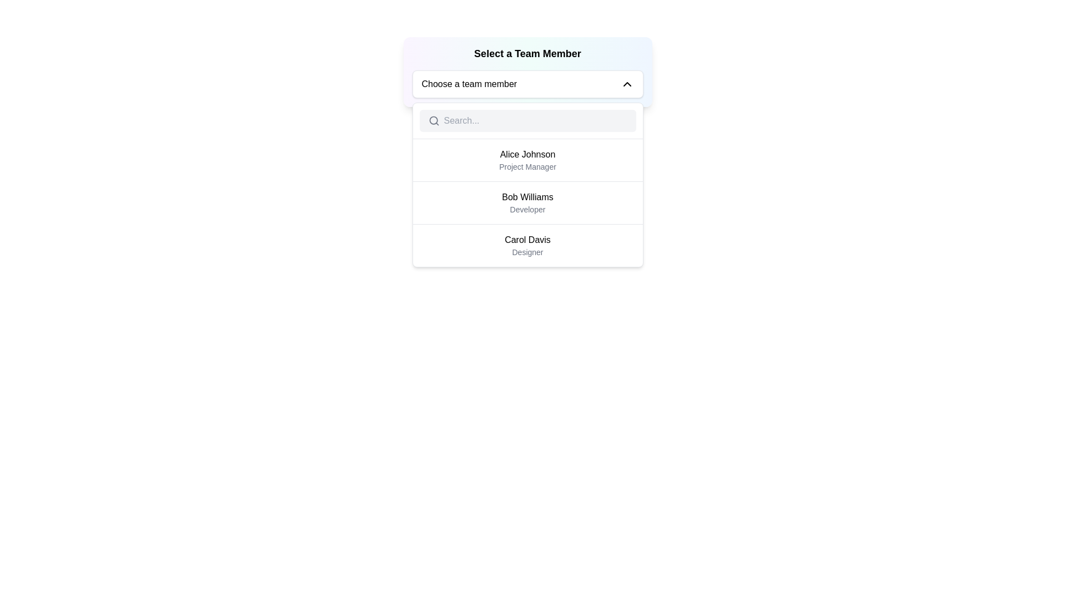 The image size is (1066, 599). Describe the element at coordinates (527, 166) in the screenshot. I see `text label indicating the role of 'Project Manager' for Alice Johnson, located beneath her name in the dropdown menu under 'Select a Team Member'` at that location.